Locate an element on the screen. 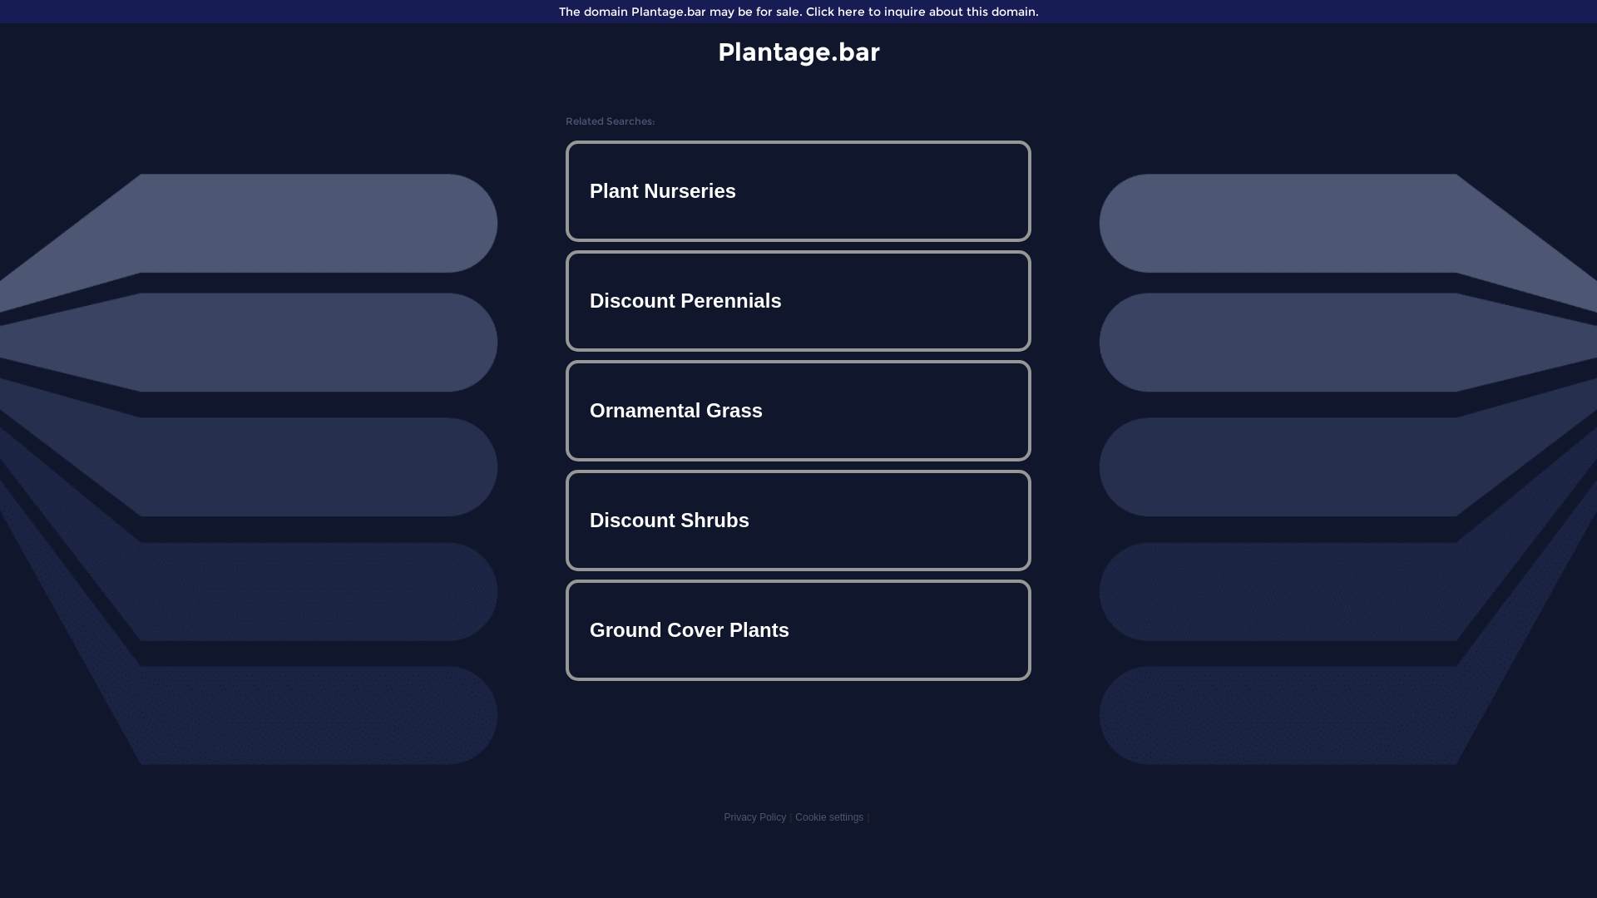 The height and width of the screenshot is (898, 1597). 'Plant Nurseries' is located at coordinates (798, 190).